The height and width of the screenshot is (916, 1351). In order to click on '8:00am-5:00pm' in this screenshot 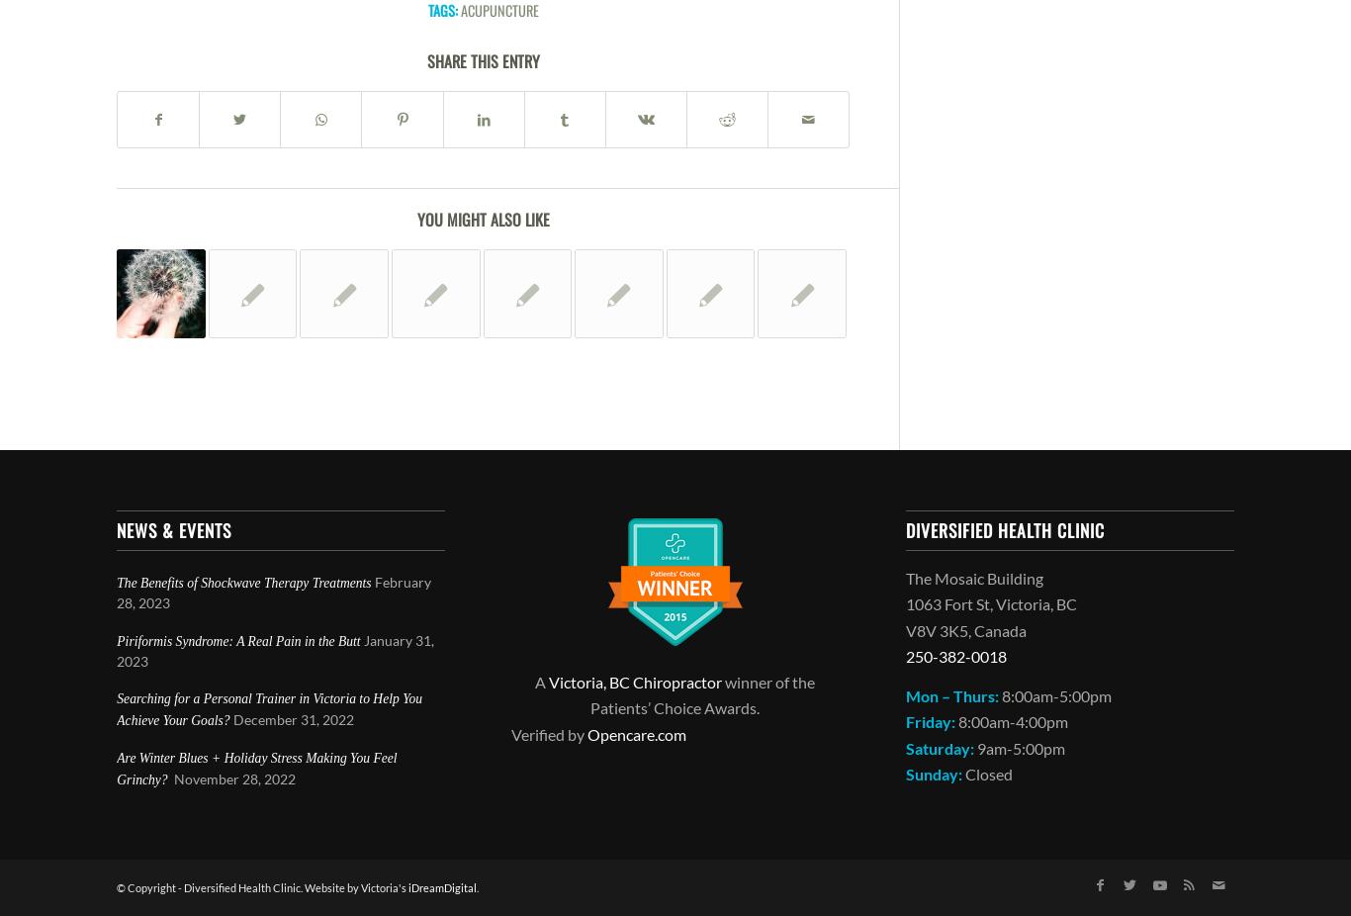, I will do `click(1053, 695)`.